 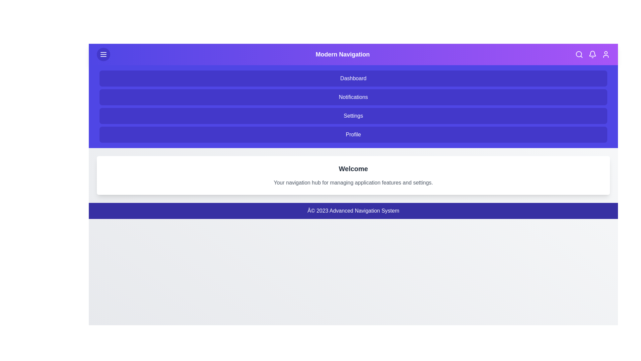 I want to click on the 'Settings' menu item in the navigation bar, so click(x=353, y=116).